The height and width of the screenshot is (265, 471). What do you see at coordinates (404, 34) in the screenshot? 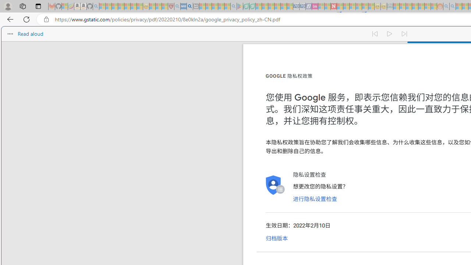
I see `'Read next paragraph'` at bounding box center [404, 34].